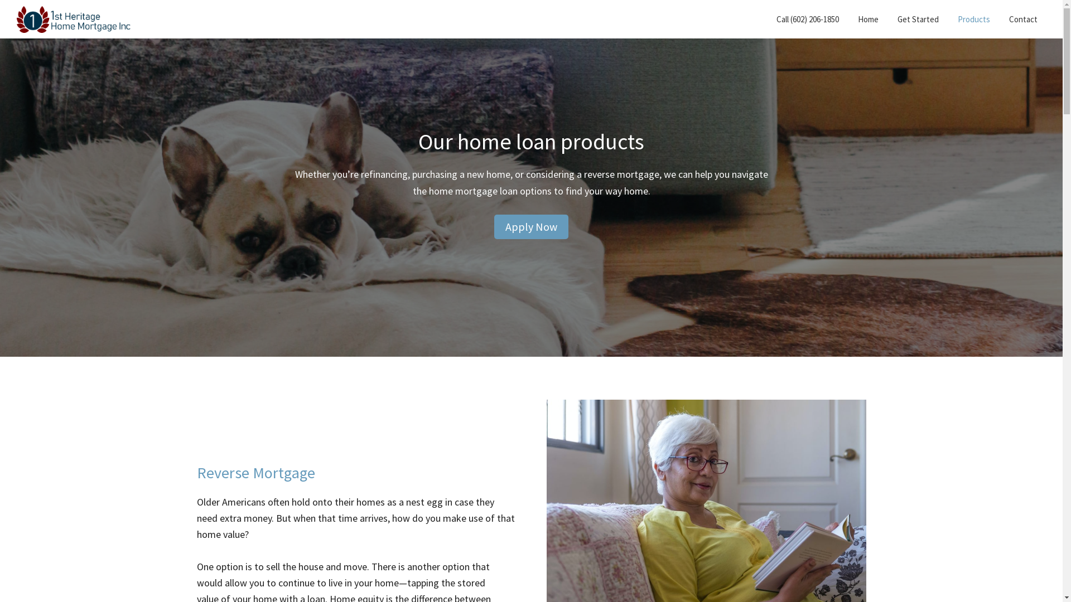 The height and width of the screenshot is (602, 1071). I want to click on 'Apply Now', so click(494, 226).